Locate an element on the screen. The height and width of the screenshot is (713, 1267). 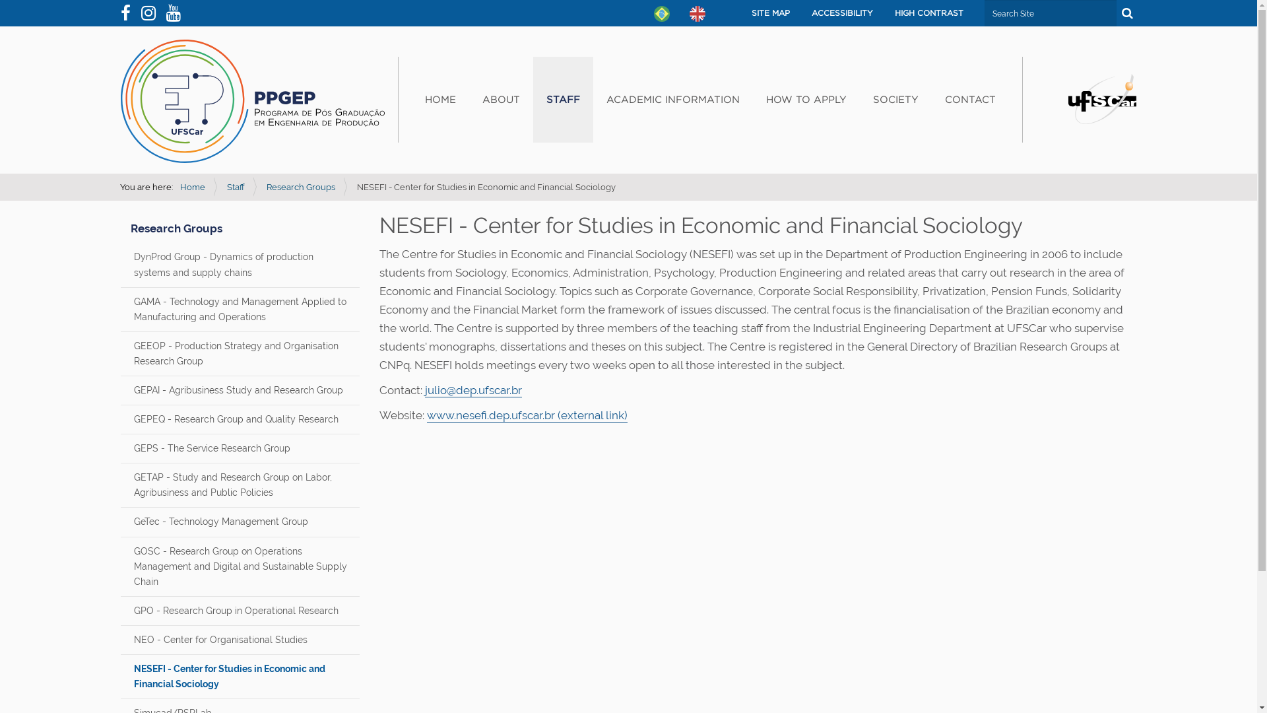
'julio@dep.ufscar.br' is located at coordinates (473, 390).